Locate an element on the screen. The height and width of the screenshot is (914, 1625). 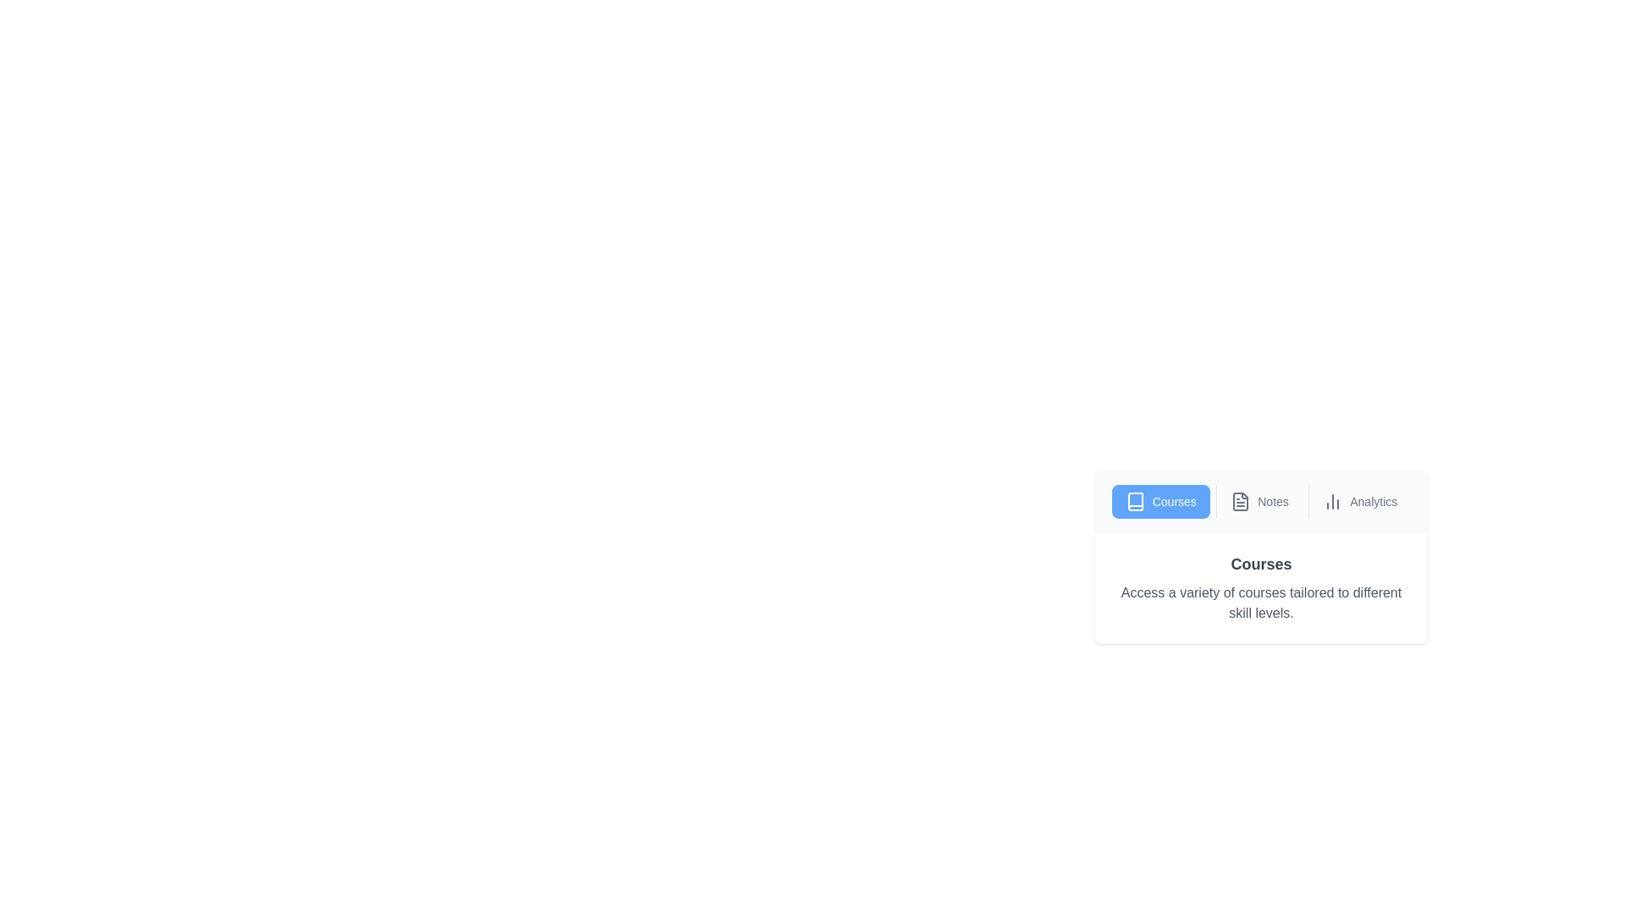
the Notes tab by clicking on its button is located at coordinates (1259, 501).